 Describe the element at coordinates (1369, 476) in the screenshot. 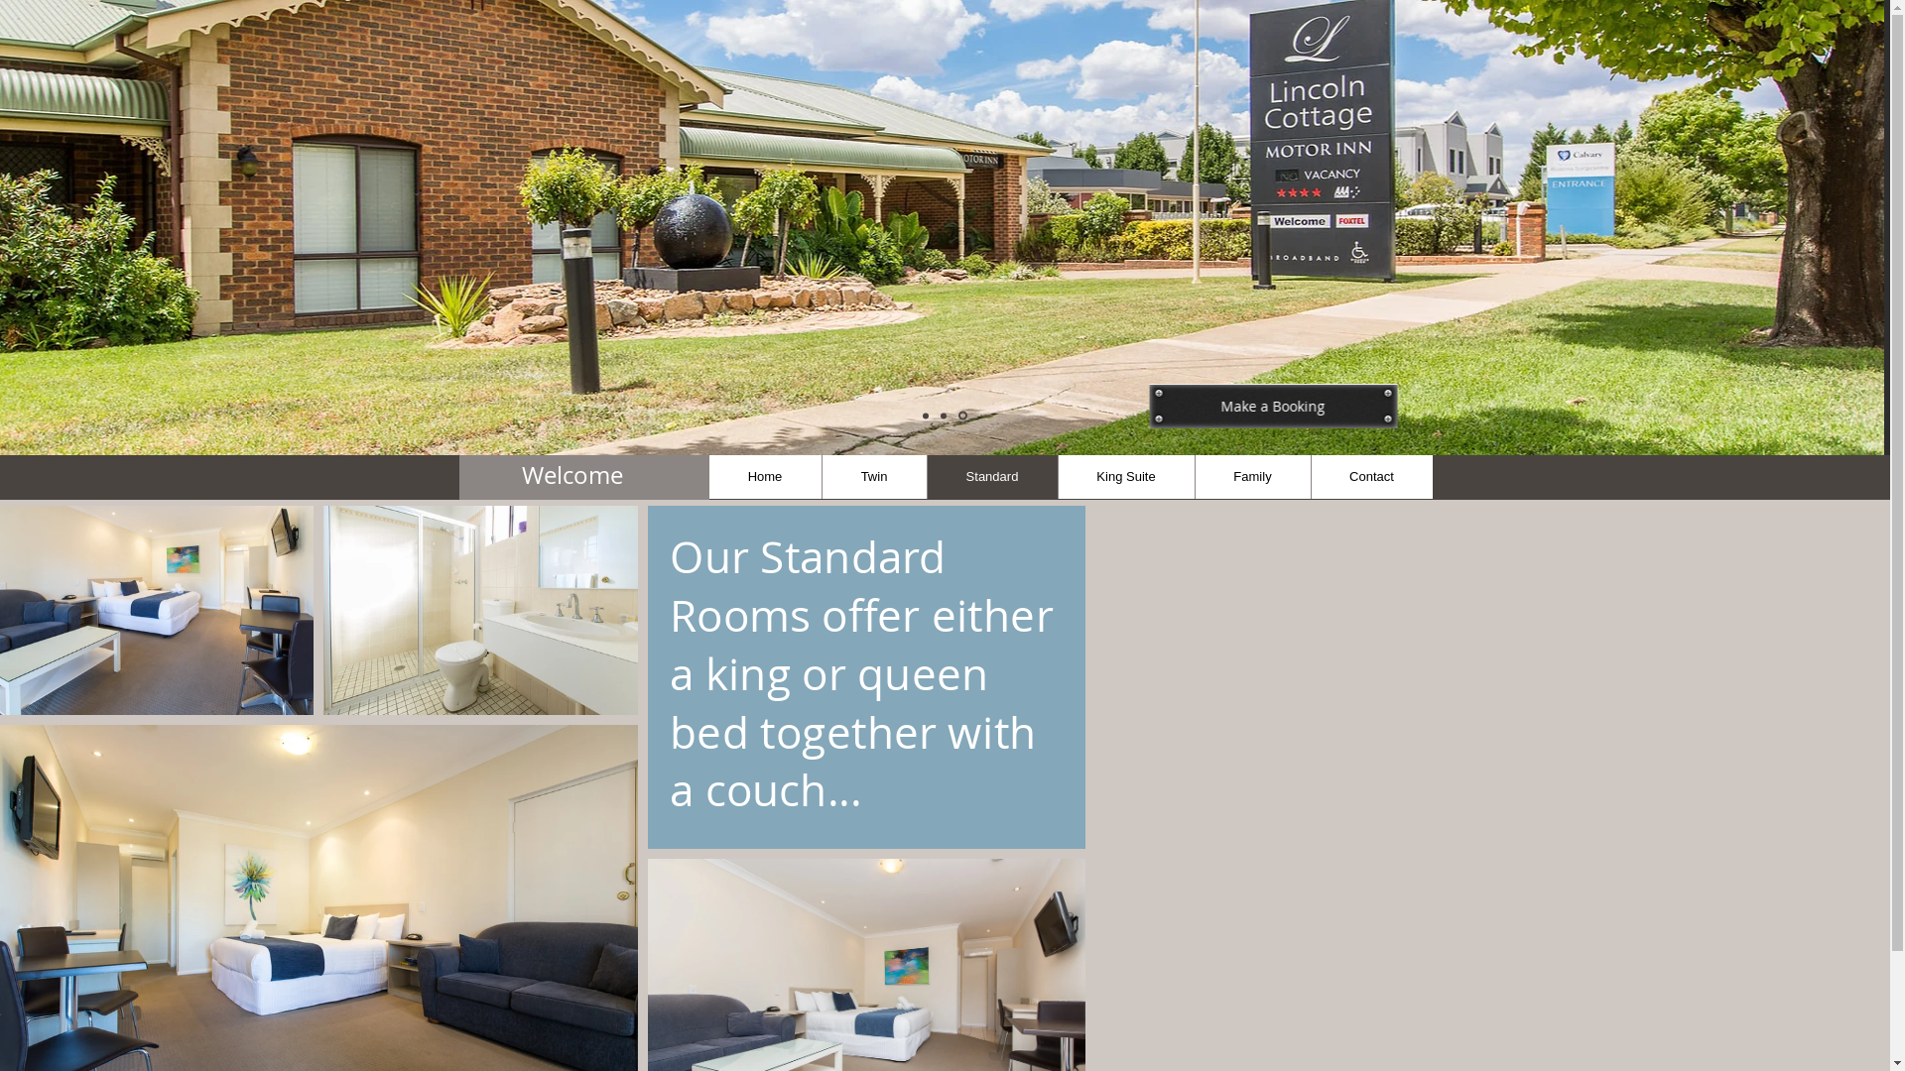

I see `'Contact'` at that location.